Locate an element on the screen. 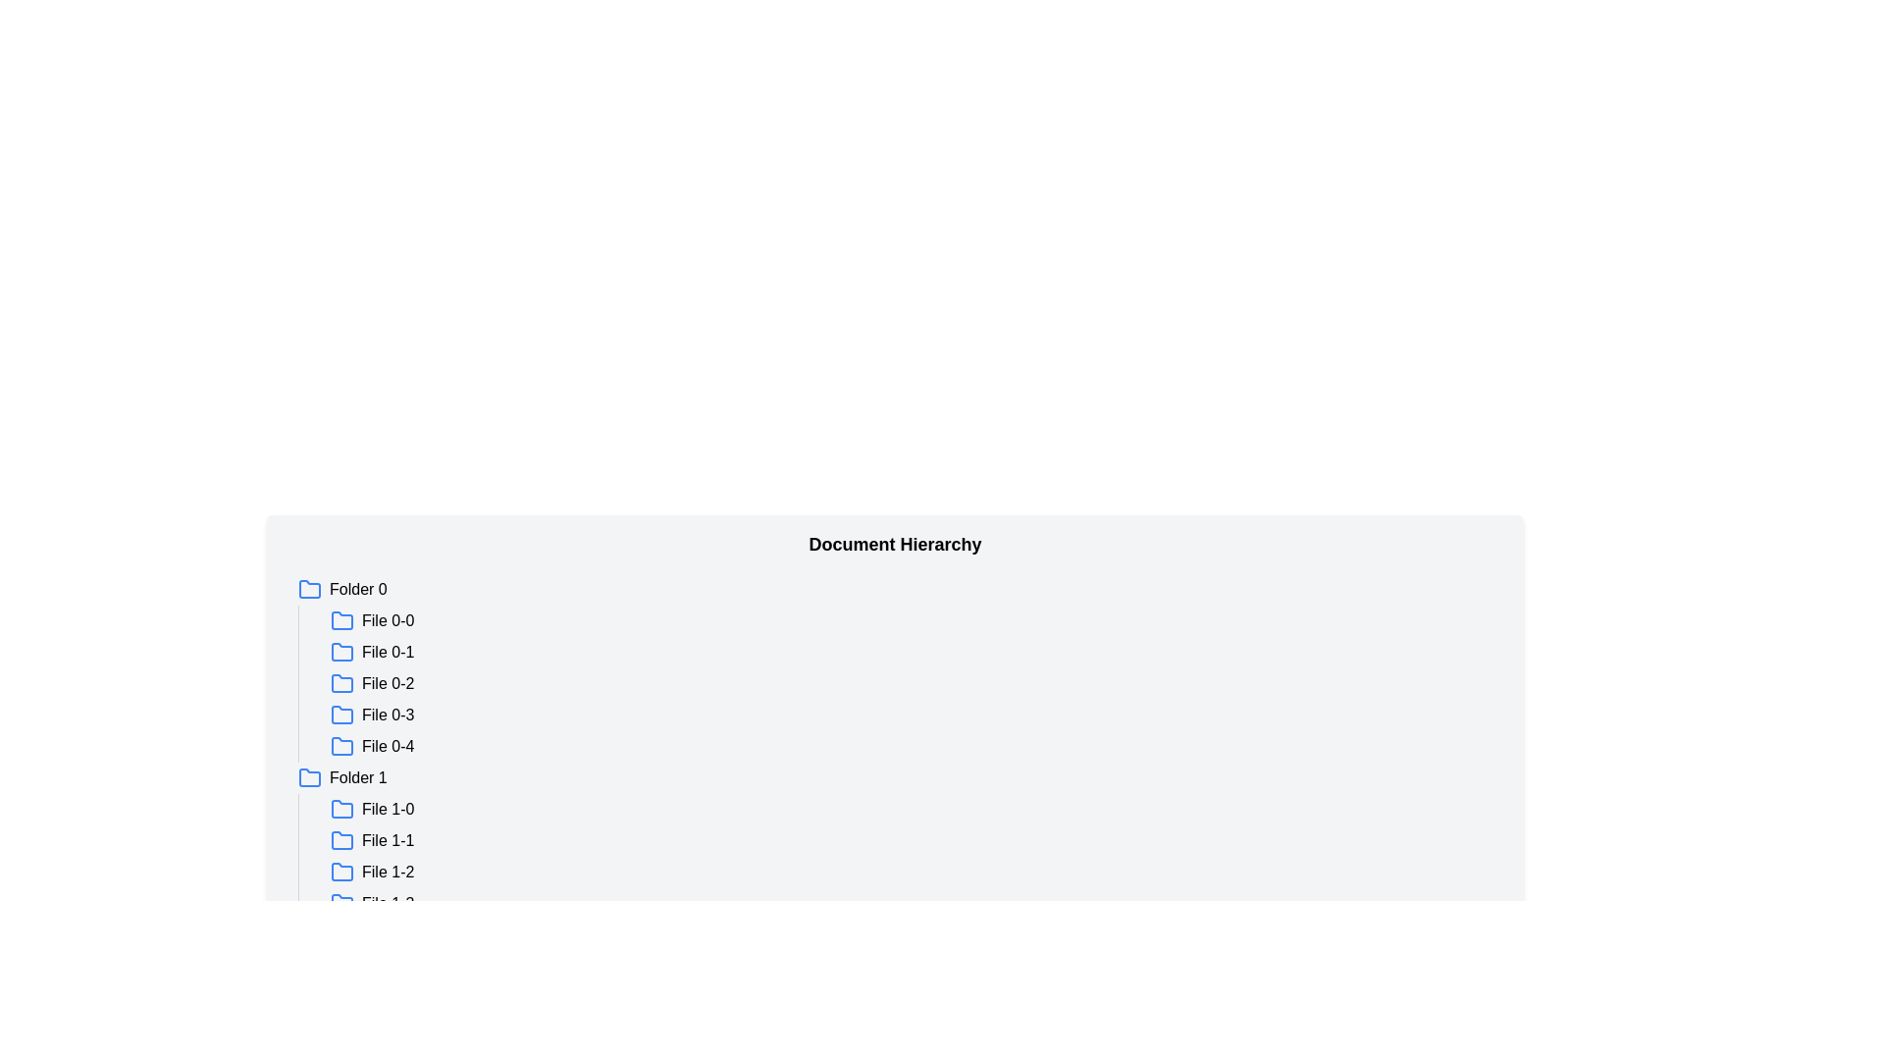 This screenshot has height=1060, width=1884. the folder icon representing 'File 1-0' within the 'Folder 1' group in the file hierarchy is located at coordinates (342, 809).